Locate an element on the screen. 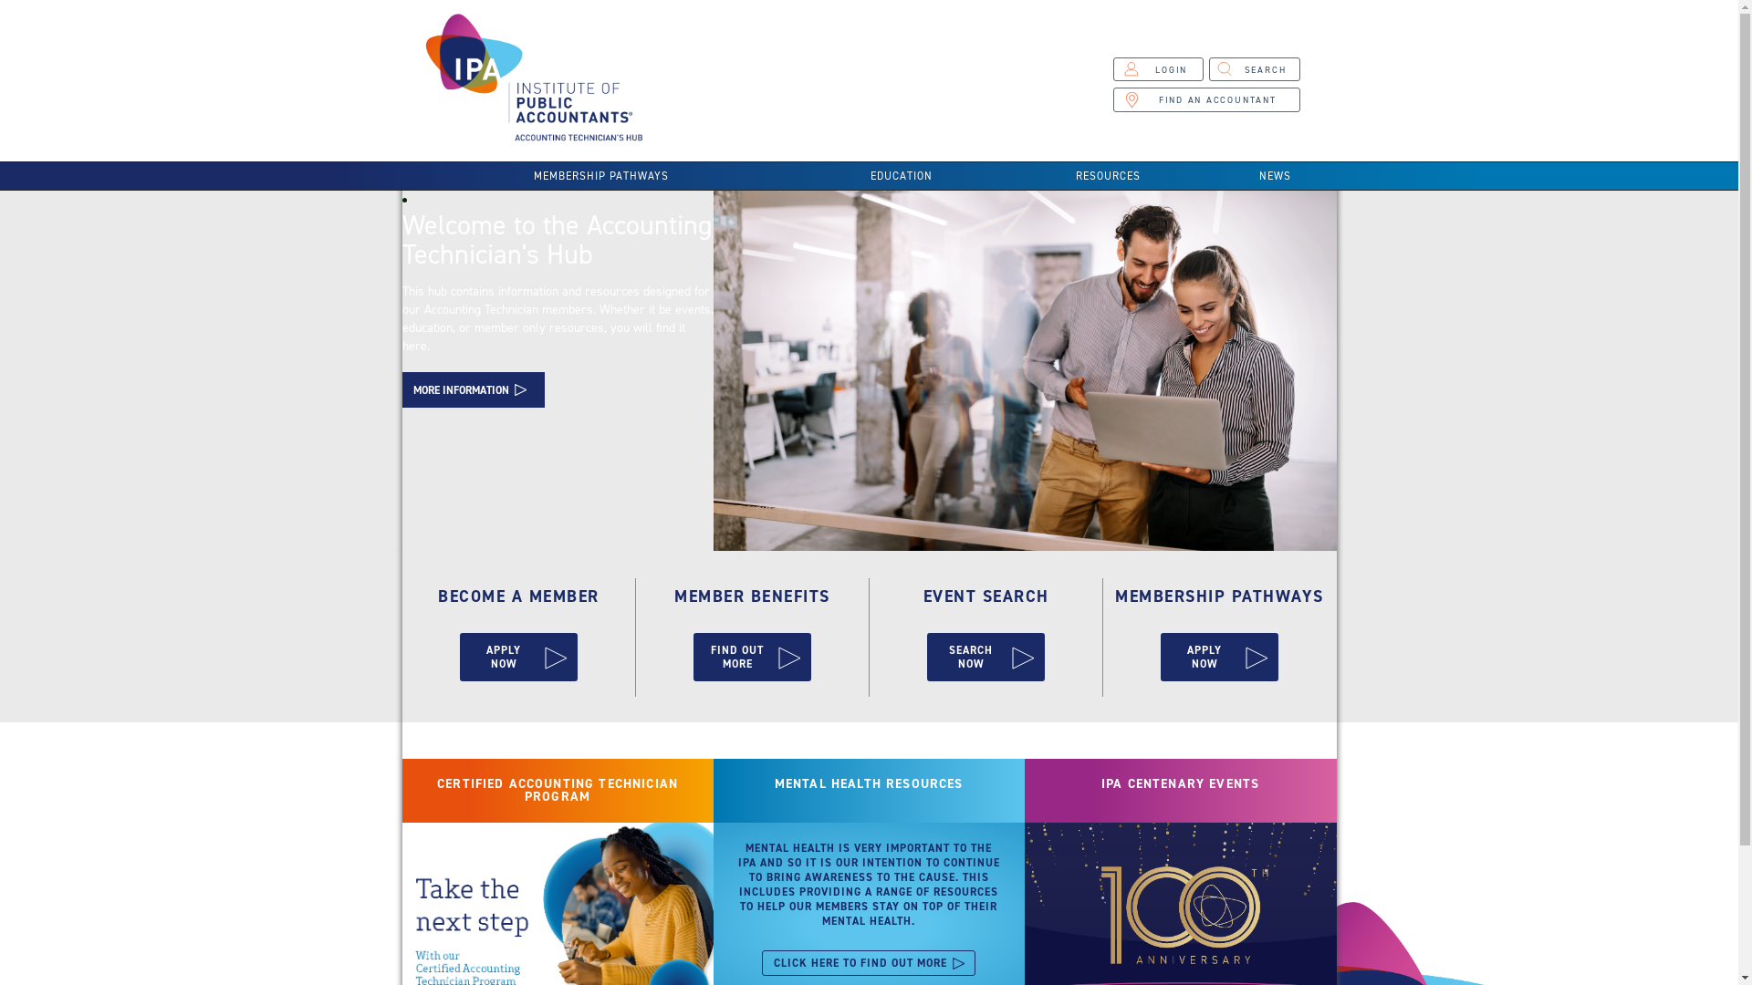  'APPLY is located at coordinates (1219, 657).